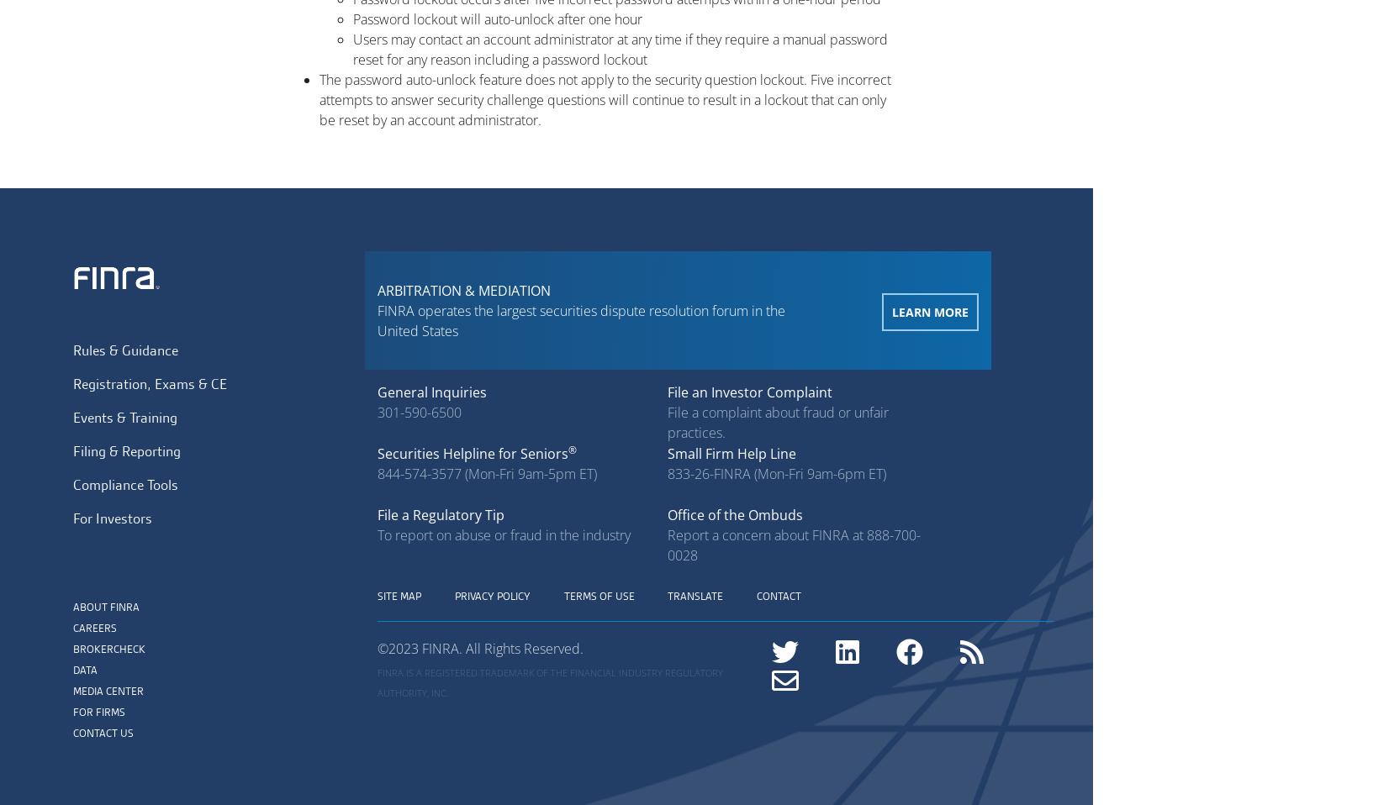 The height and width of the screenshot is (805, 1389). I want to click on 'Events & Training', so click(73, 415).